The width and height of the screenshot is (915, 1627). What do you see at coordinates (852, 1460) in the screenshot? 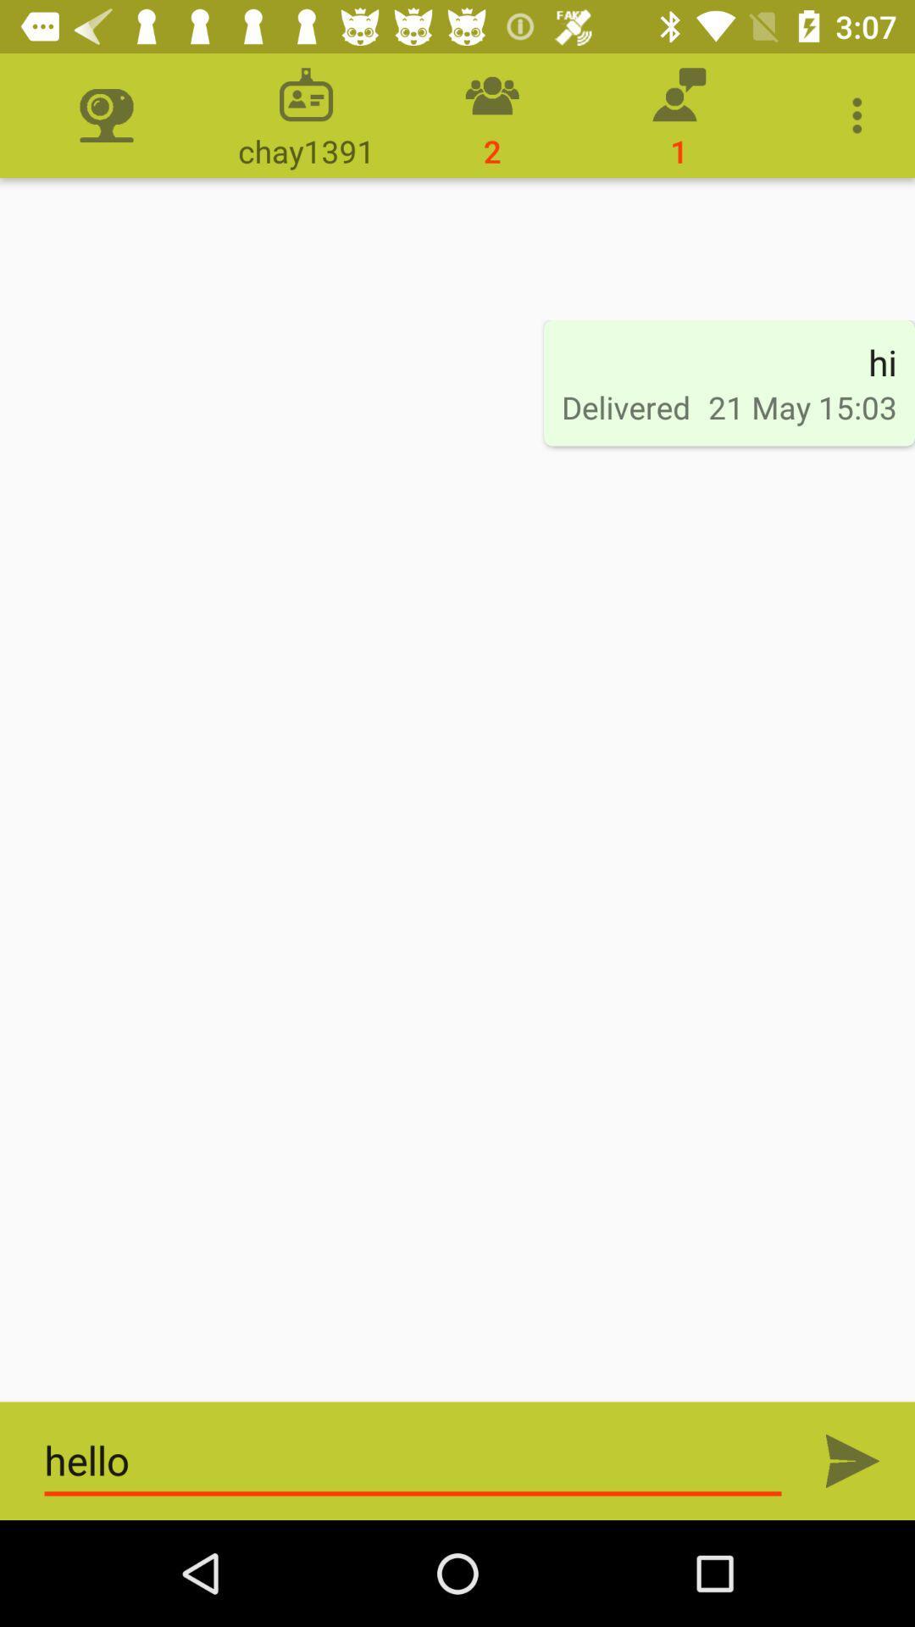
I see `send` at bounding box center [852, 1460].